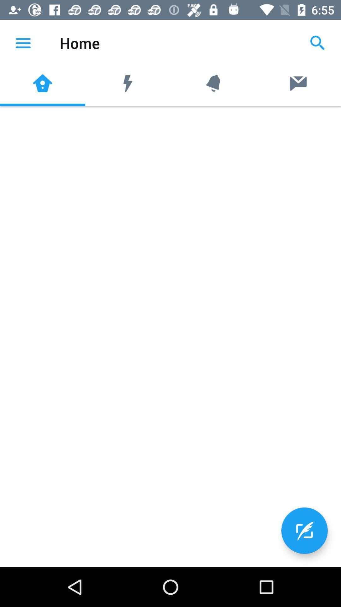  I want to click on the edit icon, so click(304, 530).